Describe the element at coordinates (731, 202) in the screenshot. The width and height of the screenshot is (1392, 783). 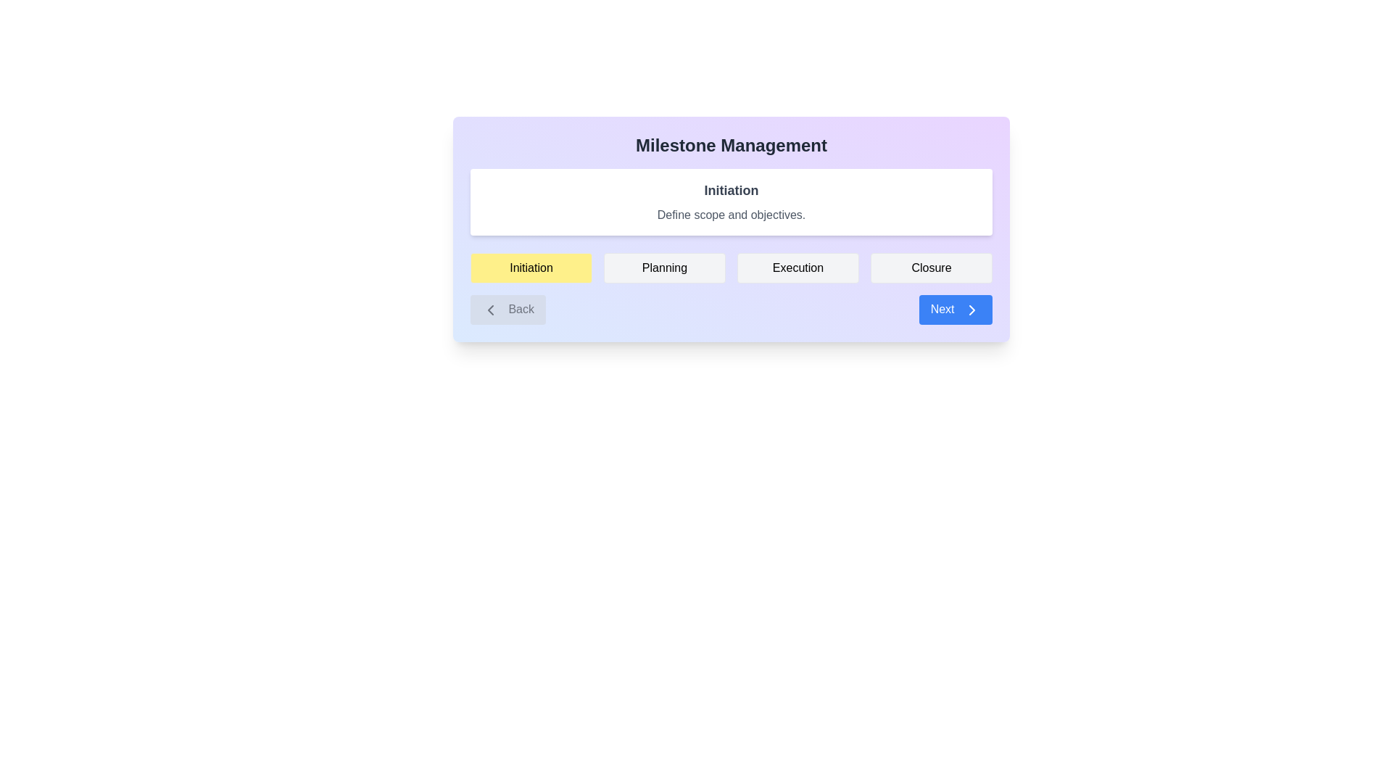
I see `the Text display area that shows the milestone step labeled 'Initiation' with the description 'Define scope and objectives', located below the 'Milestone Management' heading and above the buttons for 'Initiation', 'Planning', 'Execution', and 'Closure'` at that location.